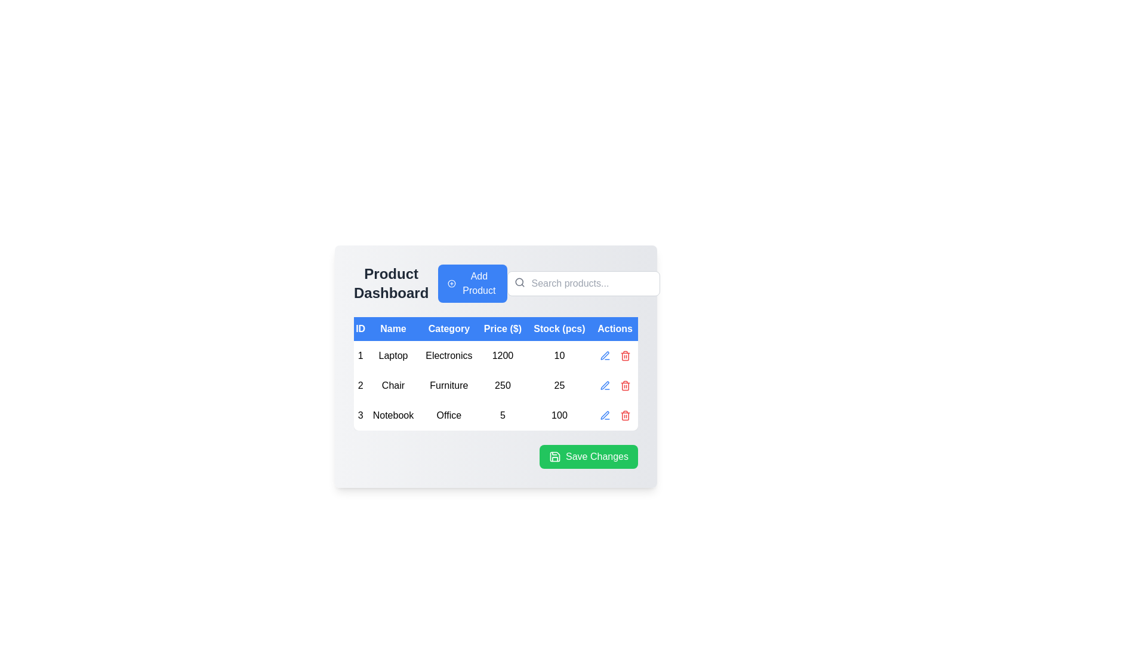  I want to click on the static text label displaying 'Electronics' for the product 'Laptop' in the third cell of the first row of the table in the 'Category' column, so click(448, 355).